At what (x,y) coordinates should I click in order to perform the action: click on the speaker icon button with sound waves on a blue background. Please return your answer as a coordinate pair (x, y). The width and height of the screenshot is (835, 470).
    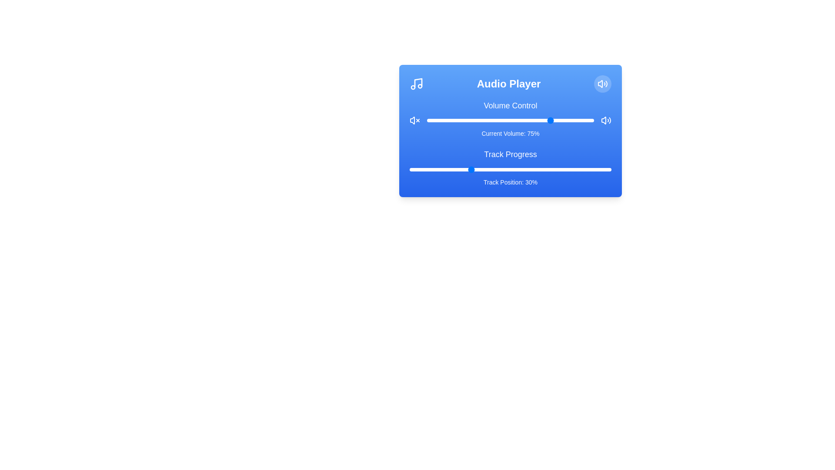
    Looking at the image, I should click on (605, 121).